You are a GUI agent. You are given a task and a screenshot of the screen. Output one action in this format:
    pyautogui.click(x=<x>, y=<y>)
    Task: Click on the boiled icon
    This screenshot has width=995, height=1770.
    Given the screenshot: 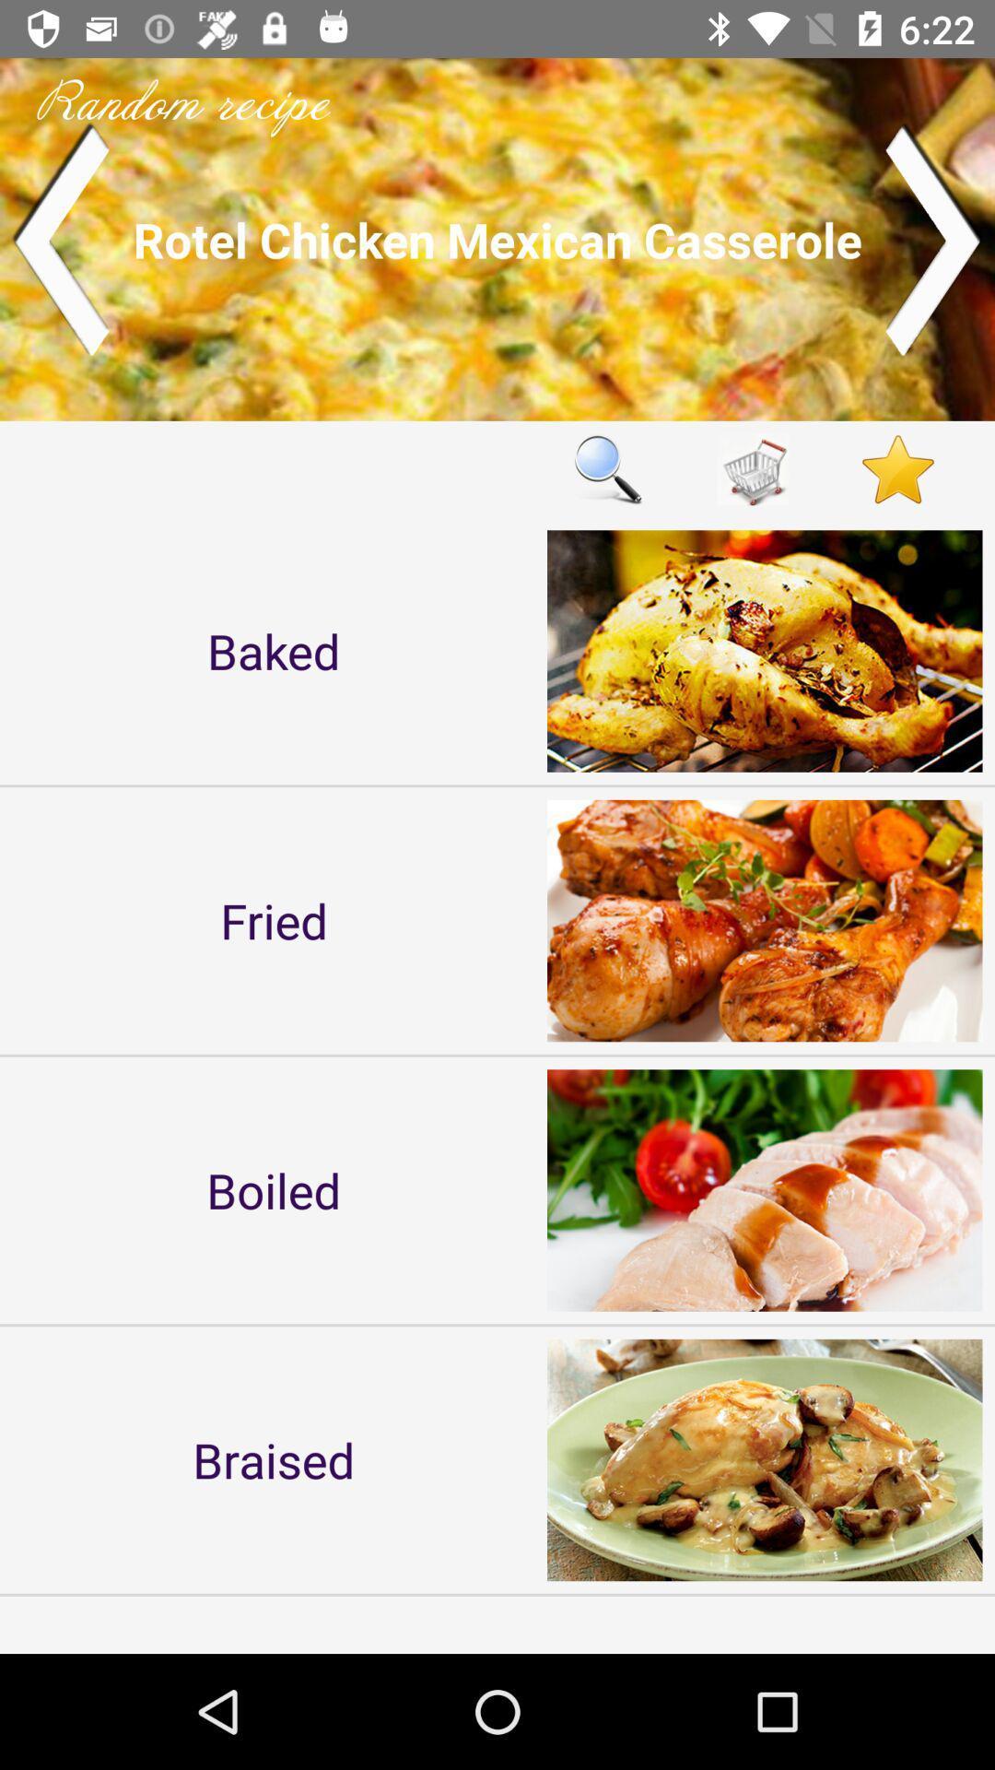 What is the action you would take?
    pyautogui.click(x=274, y=1190)
    